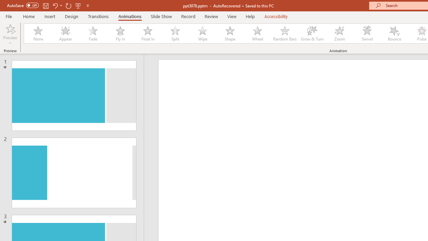  What do you see at coordinates (285, 33) in the screenshot?
I see `'Random Bars'` at bounding box center [285, 33].